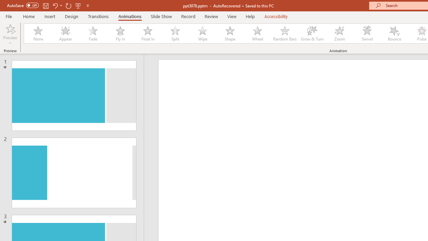  What do you see at coordinates (285, 33) in the screenshot?
I see `'Random Bars'` at bounding box center [285, 33].